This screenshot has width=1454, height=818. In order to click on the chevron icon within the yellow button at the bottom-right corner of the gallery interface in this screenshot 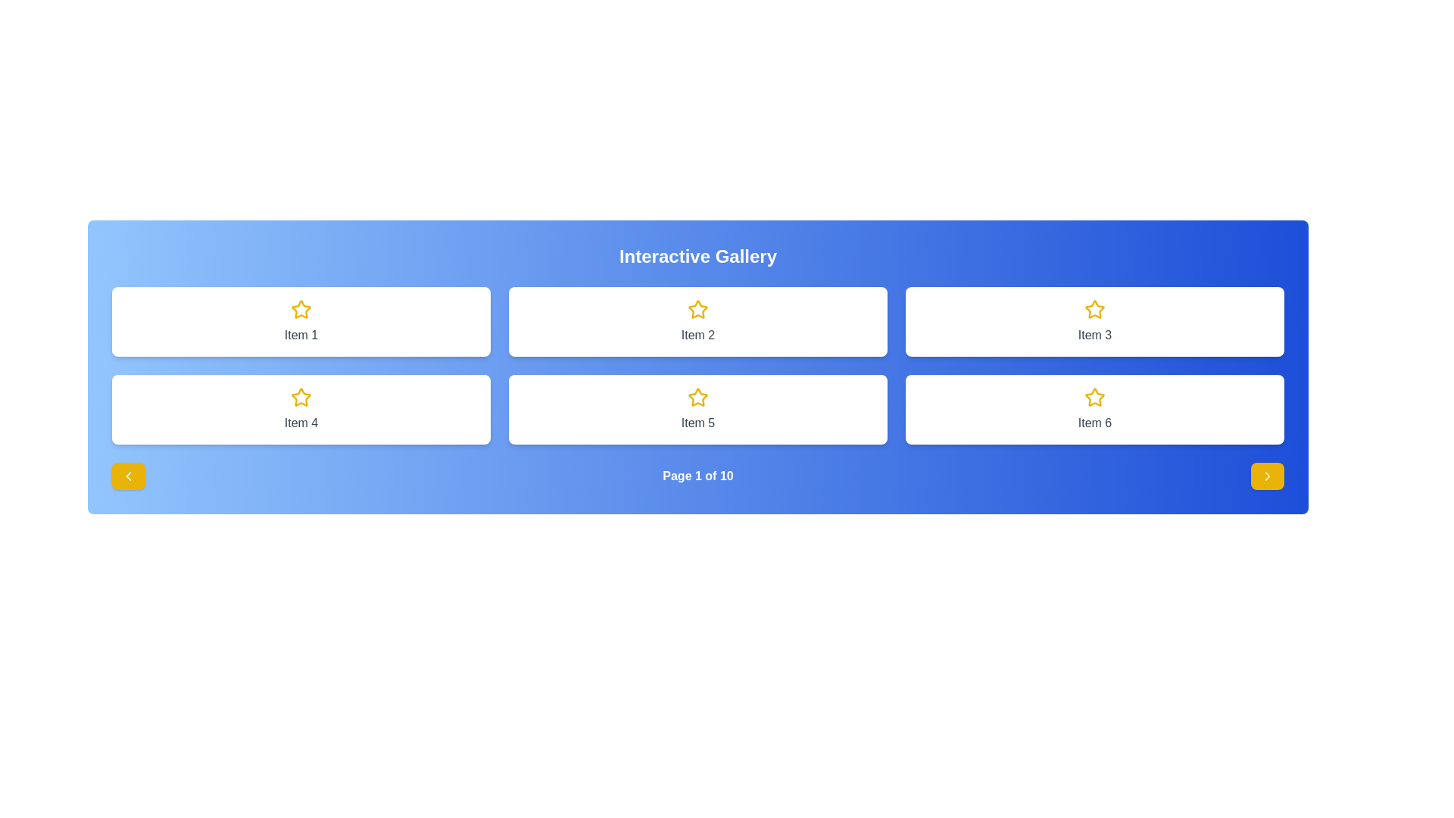, I will do `click(1268, 475)`.